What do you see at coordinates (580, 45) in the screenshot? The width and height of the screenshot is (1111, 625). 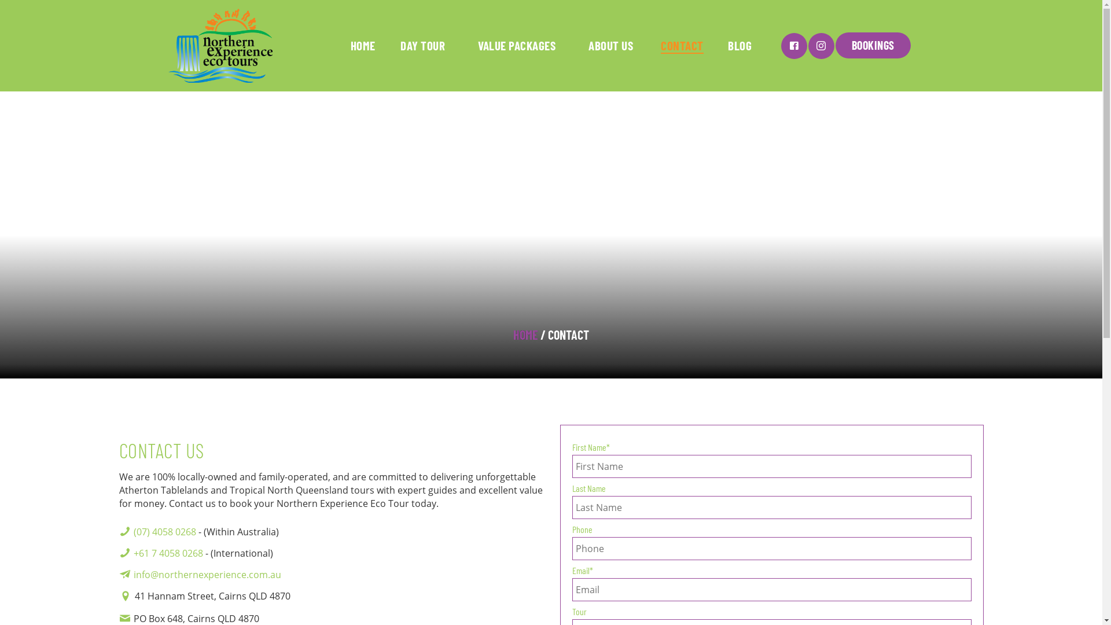 I see `'ABOUT US'` at bounding box center [580, 45].